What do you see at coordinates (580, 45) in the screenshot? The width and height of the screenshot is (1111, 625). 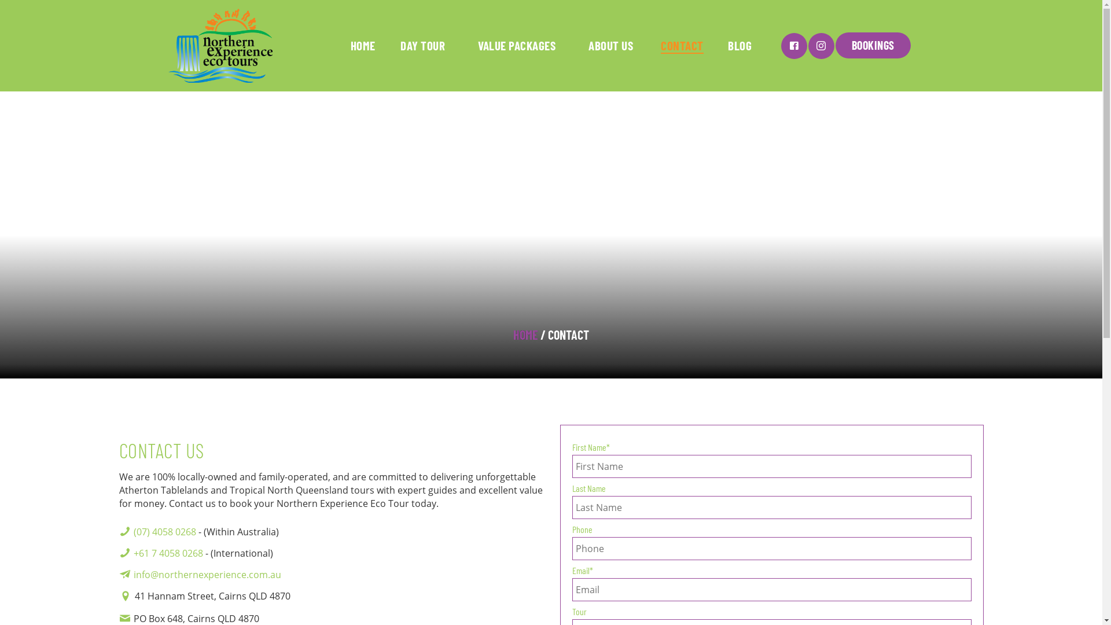 I see `'ABOUT US'` at bounding box center [580, 45].